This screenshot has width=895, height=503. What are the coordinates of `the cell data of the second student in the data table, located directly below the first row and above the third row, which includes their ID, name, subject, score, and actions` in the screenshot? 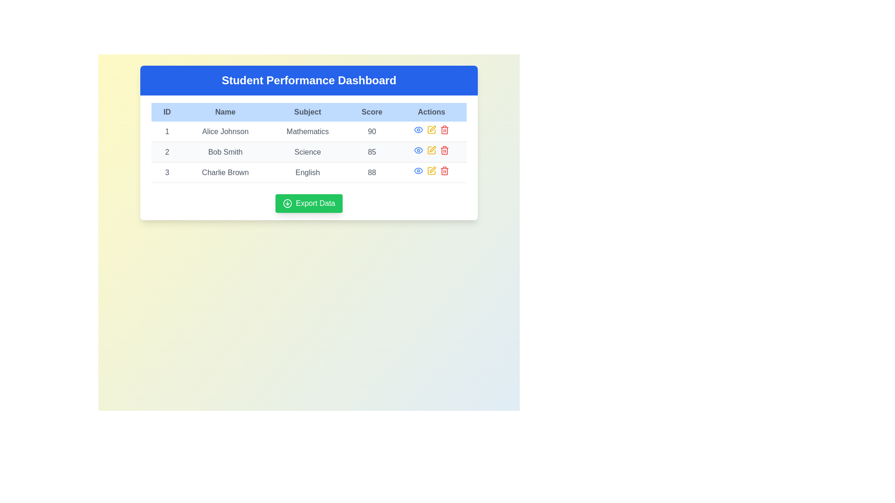 It's located at (309, 151).